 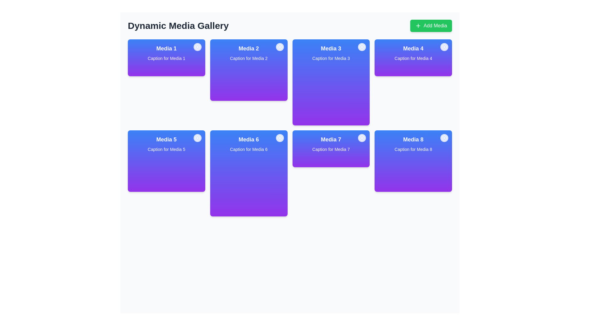 I want to click on the circular close button with a red 'X' symbol in the top-right corner of the card labeled 'Media 5' to observe the hover effect, so click(x=197, y=137).